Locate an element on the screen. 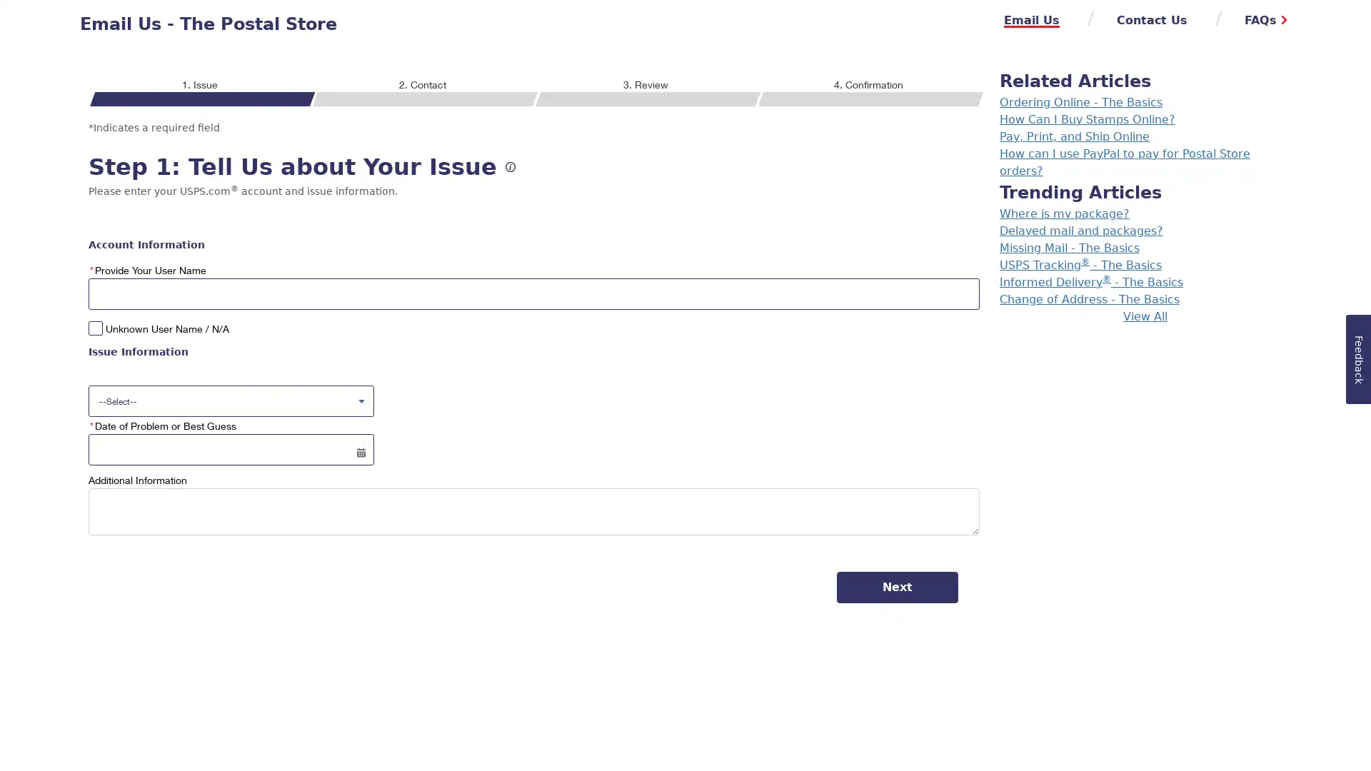  Next is located at coordinates (897, 589).